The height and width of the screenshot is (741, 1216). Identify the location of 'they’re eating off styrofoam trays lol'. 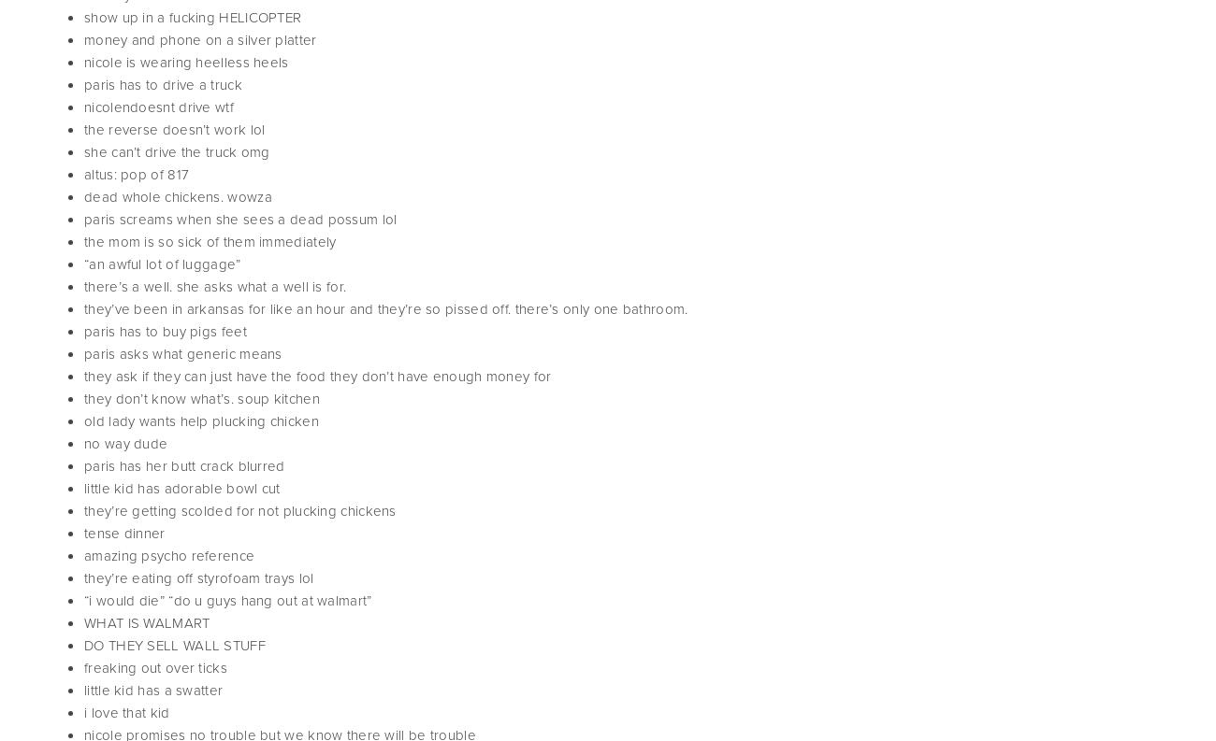
(198, 577).